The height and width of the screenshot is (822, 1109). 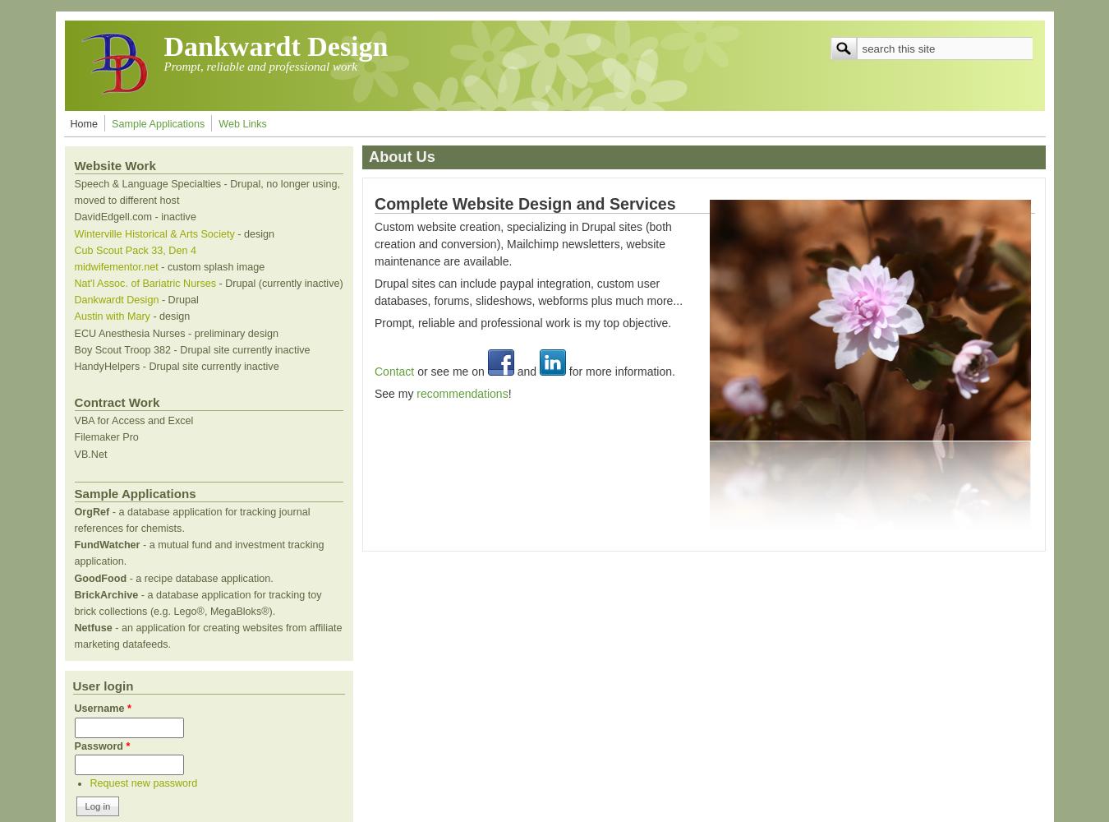 I want to click on 'recommendations', so click(x=461, y=393).